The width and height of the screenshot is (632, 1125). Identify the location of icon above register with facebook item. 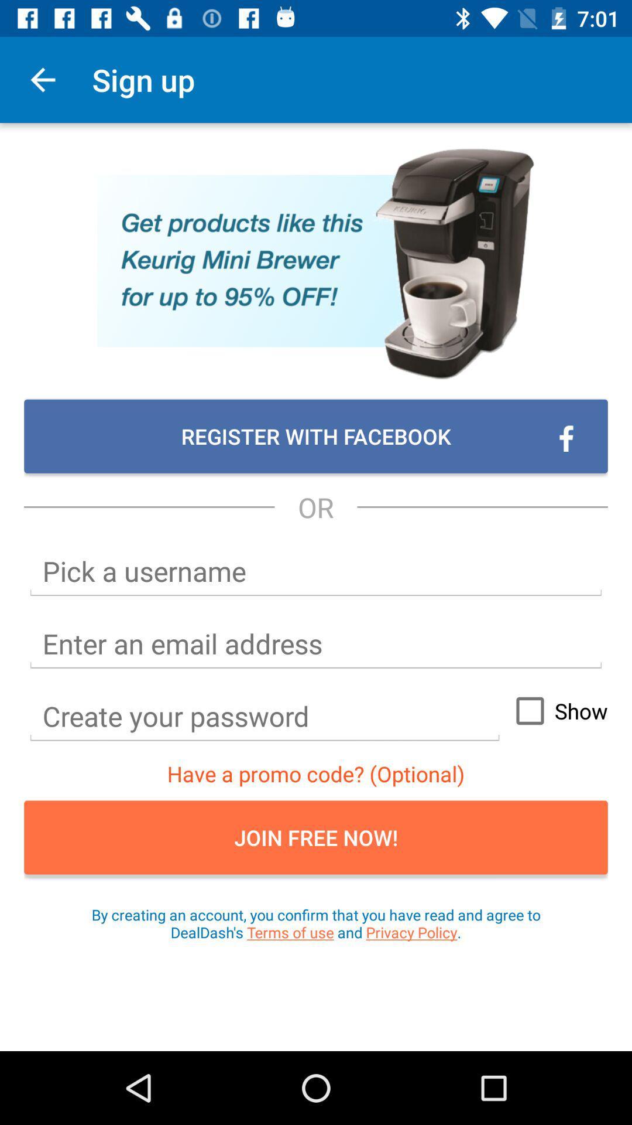
(42, 79).